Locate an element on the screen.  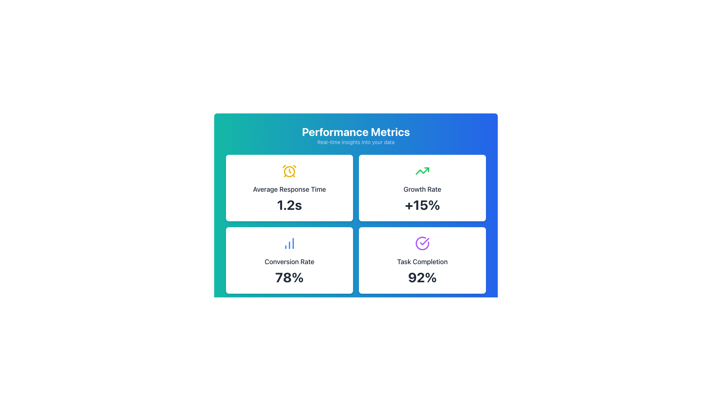
the large bold text reading '92%' located below the 'Task Completion' text within the card labeled 'Task Completion' is located at coordinates (422, 277).